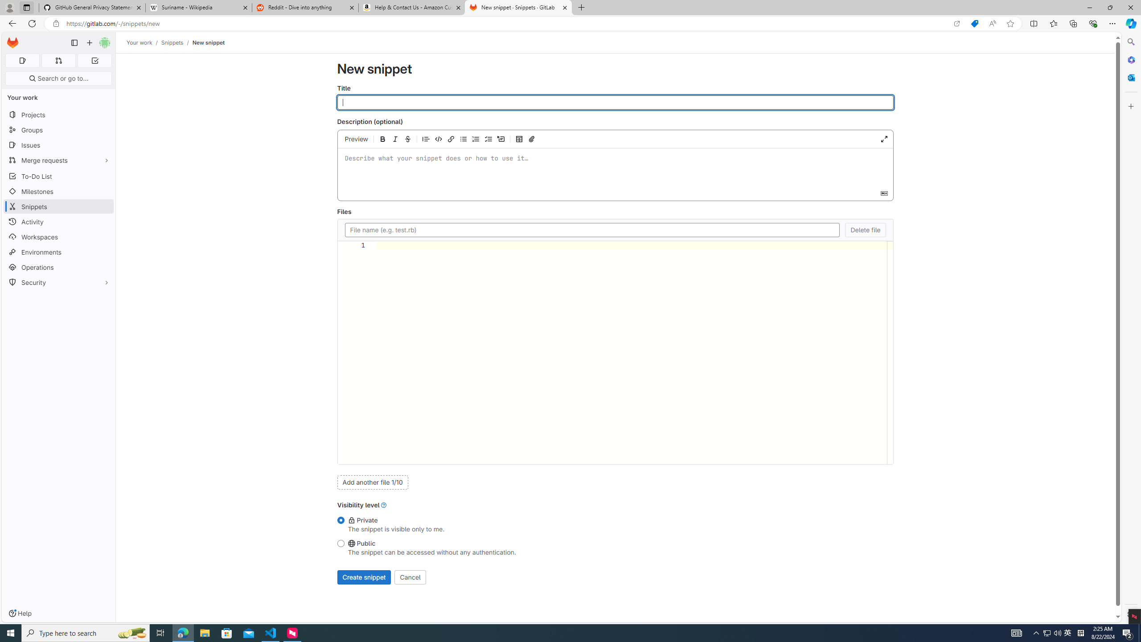  What do you see at coordinates (866, 229) in the screenshot?
I see `'Delete file'` at bounding box center [866, 229].